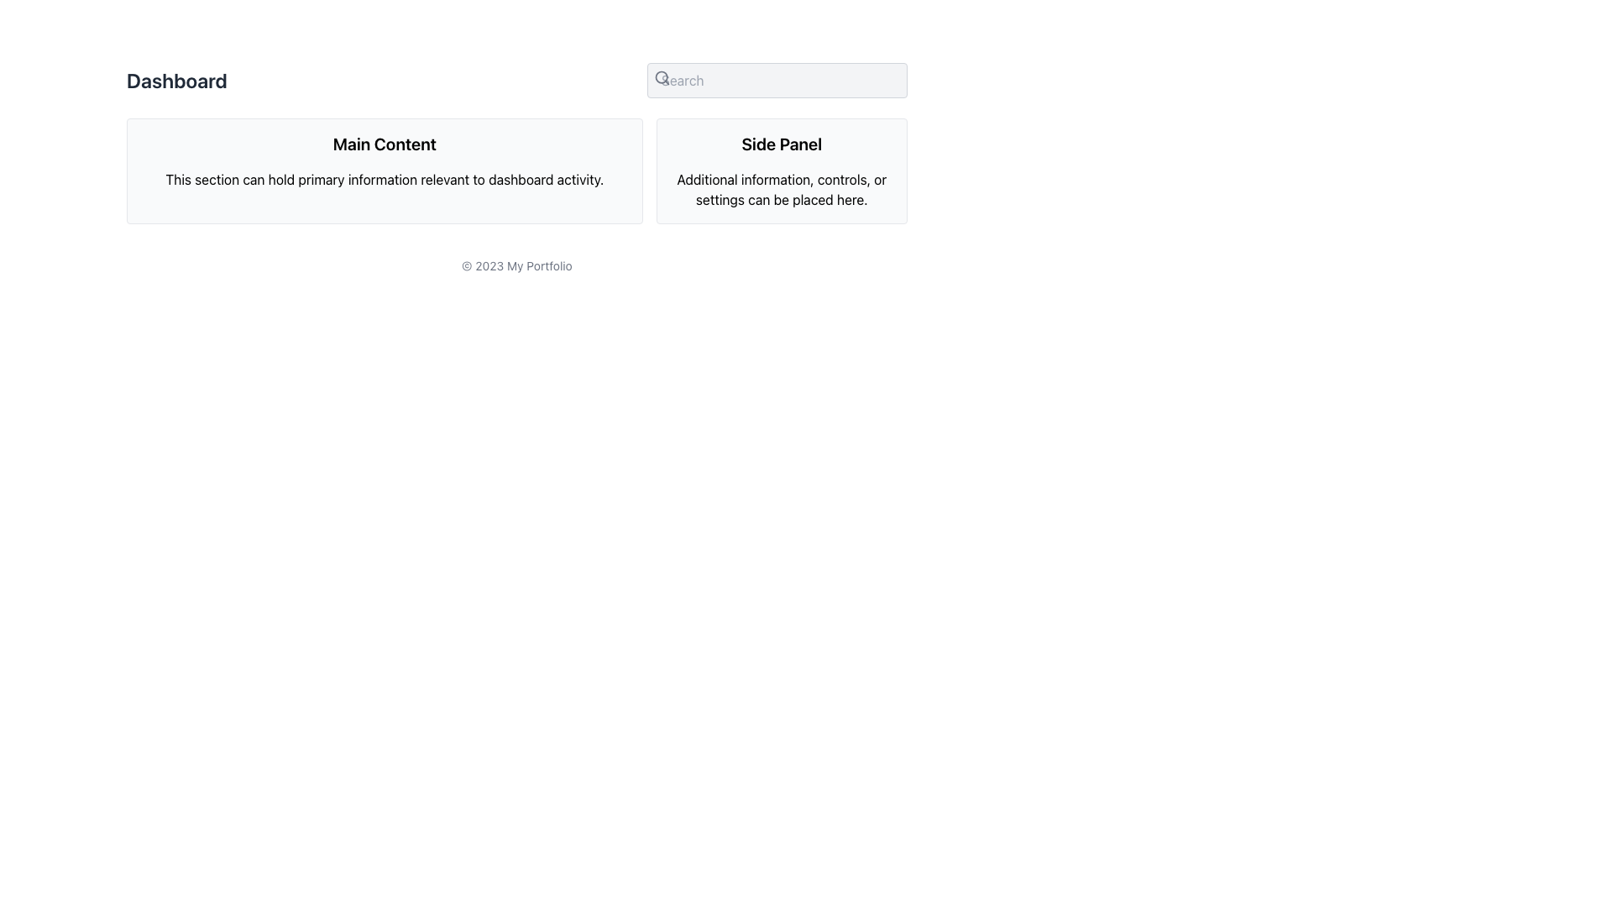  What do you see at coordinates (781, 144) in the screenshot?
I see `header text in the top-right section of the layout that indicates the purpose of the side panel` at bounding box center [781, 144].